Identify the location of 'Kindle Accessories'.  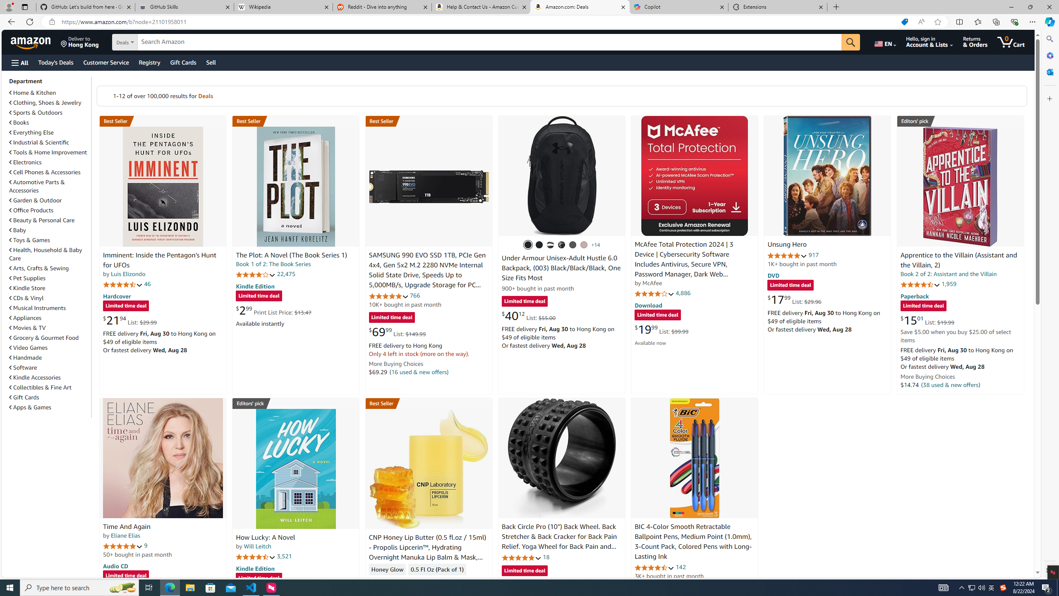
(34, 377).